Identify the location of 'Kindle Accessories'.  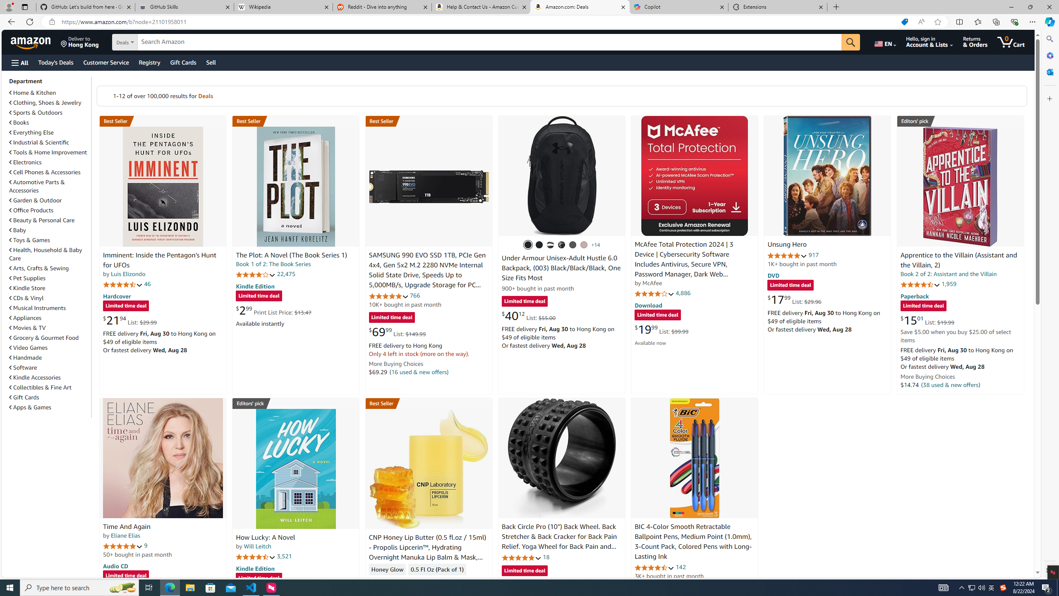
(34, 377).